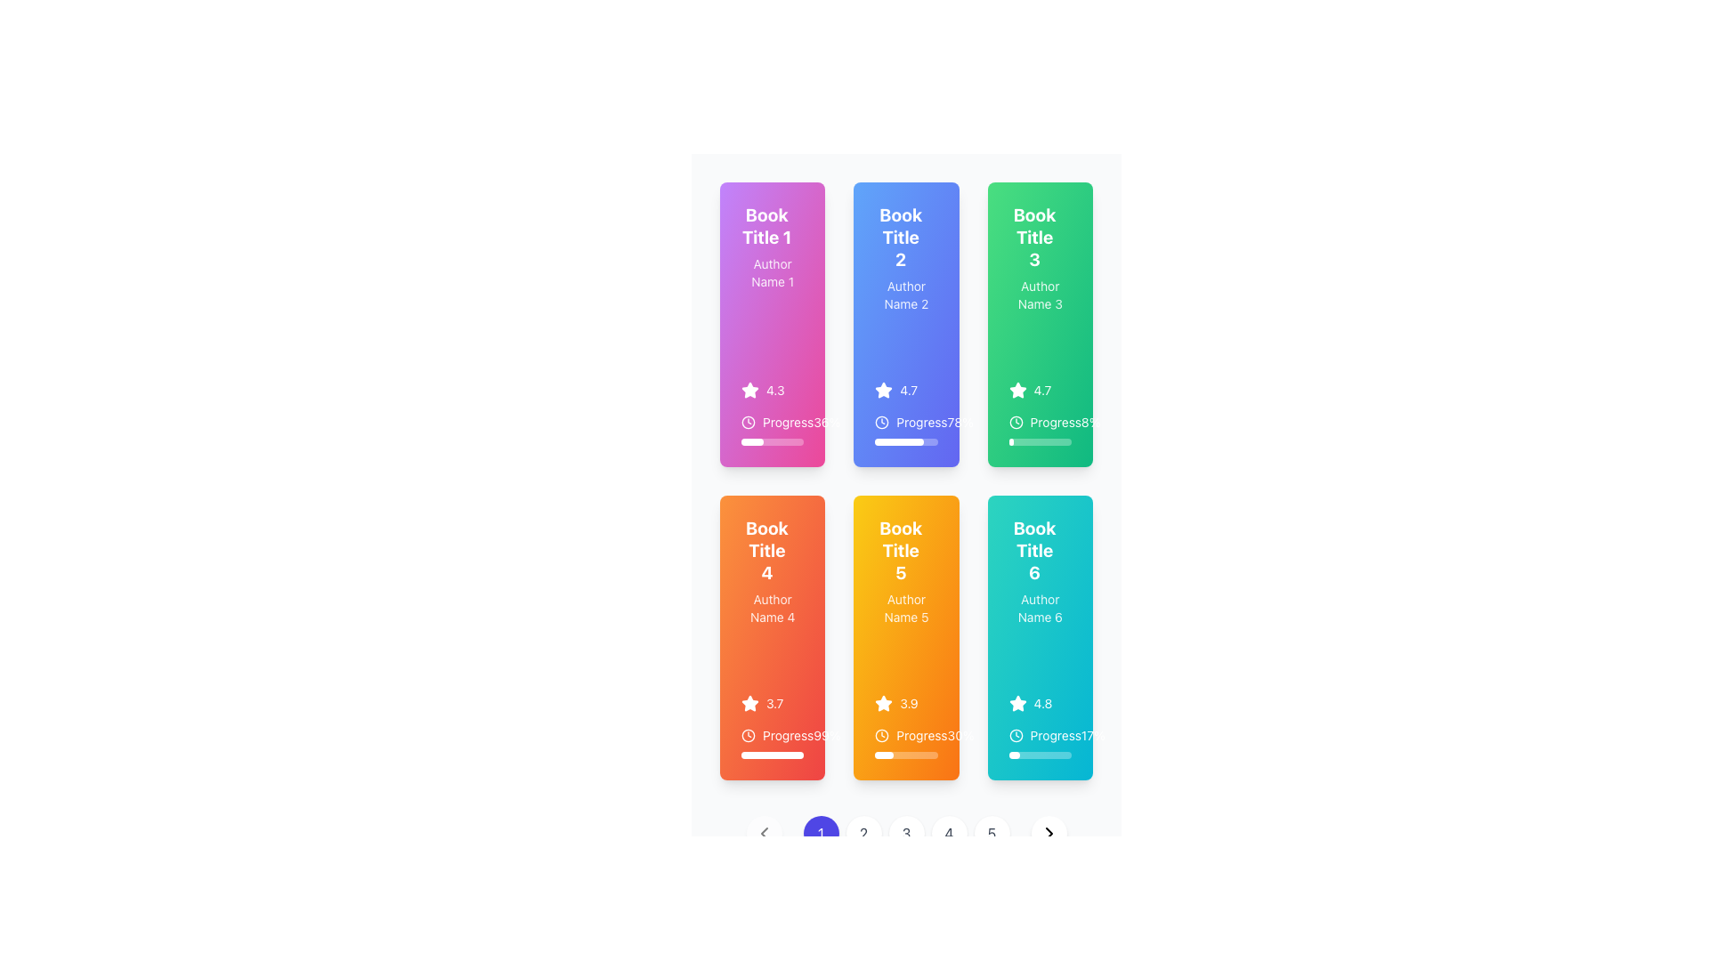  Describe the element at coordinates (773, 390) in the screenshot. I see `the rating value displayed in the star icon and text '4.3' located below 'Book Title 1' in the card-style UI` at that location.